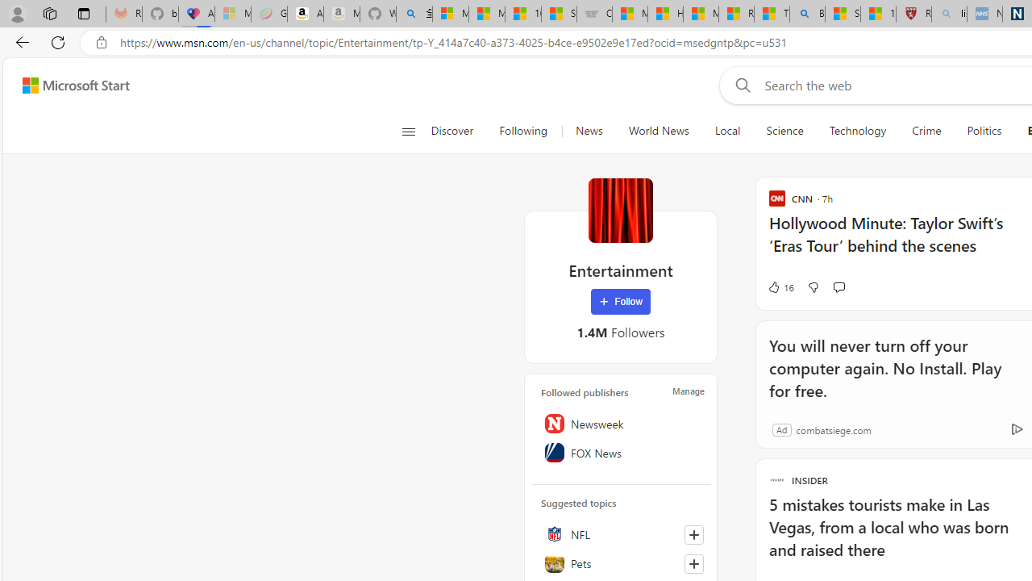 This screenshot has height=581, width=1032. What do you see at coordinates (620, 453) in the screenshot?
I see `'FOX News'` at bounding box center [620, 453].